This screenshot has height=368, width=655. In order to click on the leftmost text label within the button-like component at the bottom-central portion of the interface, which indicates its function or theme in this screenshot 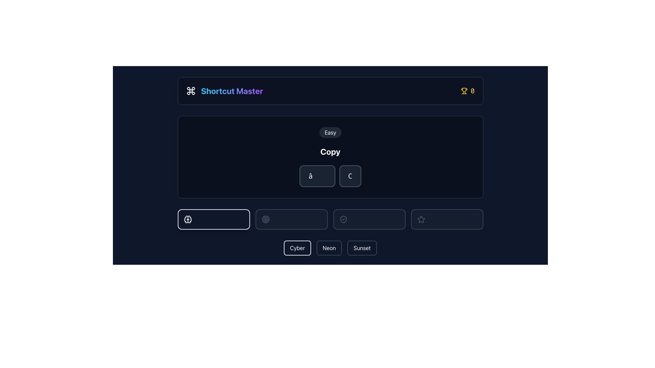, I will do `click(297, 248)`.